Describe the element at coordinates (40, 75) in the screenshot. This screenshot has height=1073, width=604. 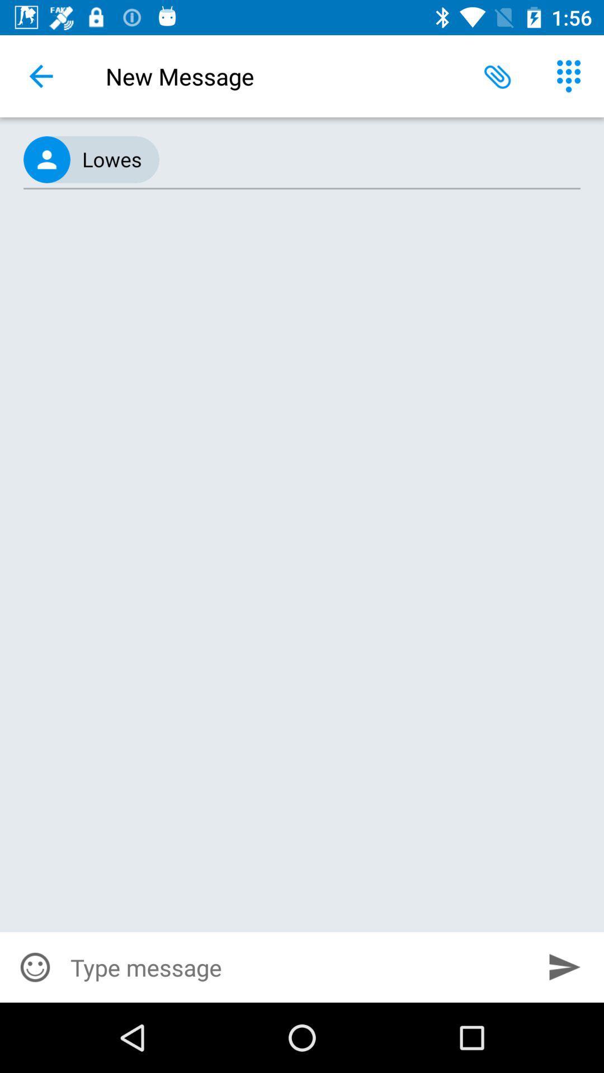
I see `the icon next to the new message icon` at that location.